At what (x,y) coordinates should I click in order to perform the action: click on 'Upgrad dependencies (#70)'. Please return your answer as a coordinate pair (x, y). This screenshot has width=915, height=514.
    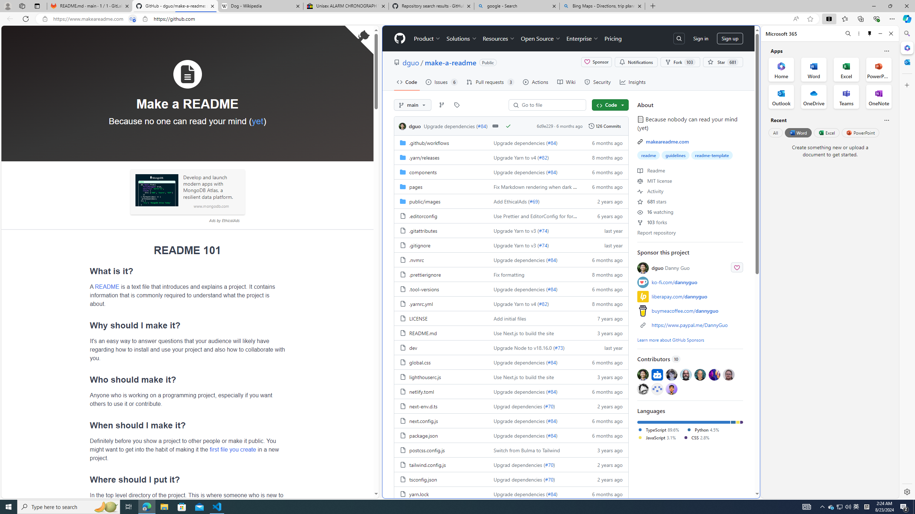
    Looking at the image, I should click on (533, 479).